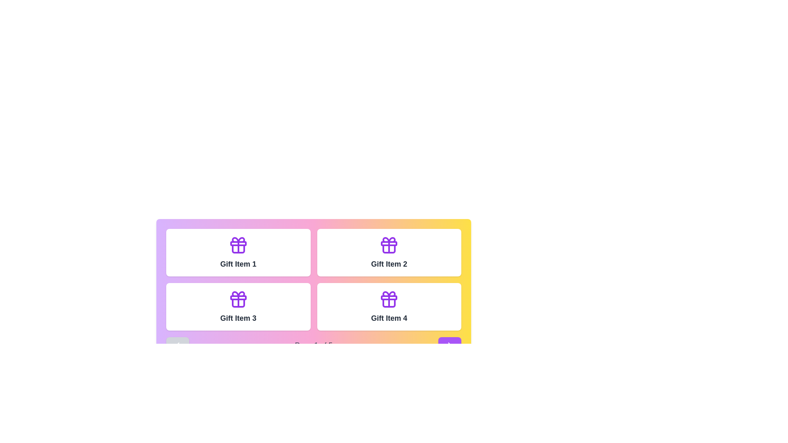 Image resolution: width=788 pixels, height=443 pixels. What do you see at coordinates (177, 345) in the screenshot?
I see `the purple button with a chevron icon that navigates to the previous page, located at the bottom left of the interface` at bounding box center [177, 345].